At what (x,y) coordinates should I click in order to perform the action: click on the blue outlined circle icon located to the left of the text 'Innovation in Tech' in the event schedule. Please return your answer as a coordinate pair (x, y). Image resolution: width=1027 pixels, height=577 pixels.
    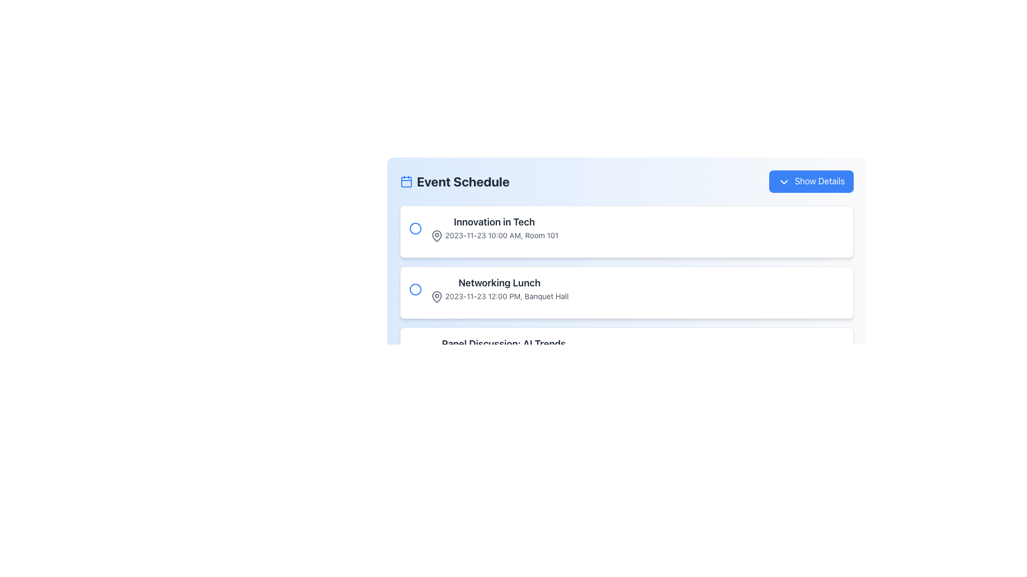
    Looking at the image, I should click on (415, 228).